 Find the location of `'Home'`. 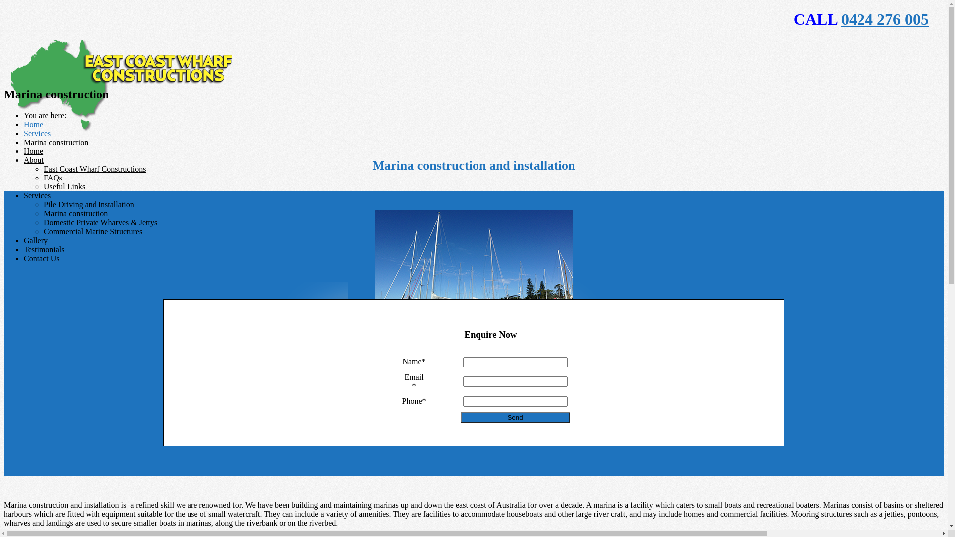

'Home' is located at coordinates (24, 151).